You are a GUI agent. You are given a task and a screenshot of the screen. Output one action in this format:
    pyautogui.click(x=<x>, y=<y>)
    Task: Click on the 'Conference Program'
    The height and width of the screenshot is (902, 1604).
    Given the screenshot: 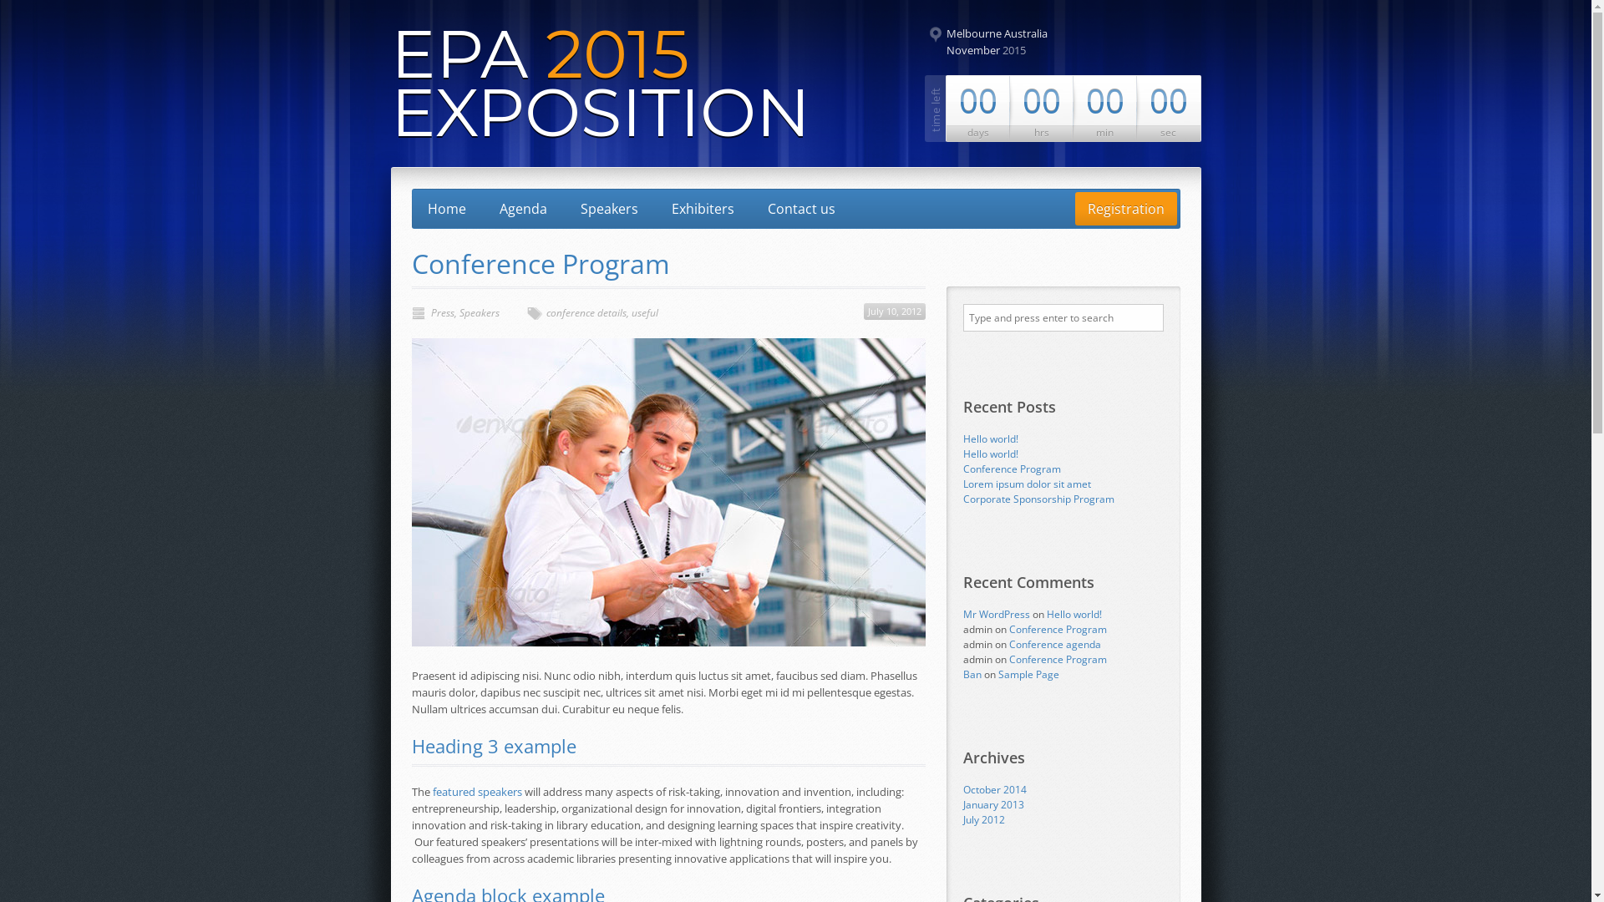 What is the action you would take?
    pyautogui.click(x=1057, y=658)
    